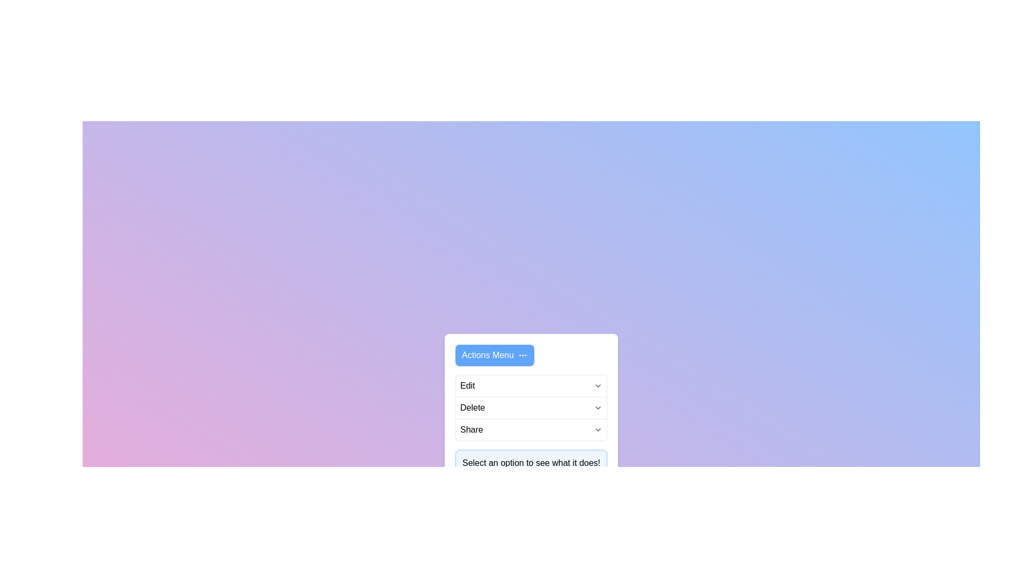 The height and width of the screenshot is (579, 1030). What do you see at coordinates (531, 463) in the screenshot?
I see `the informational text in the dropdown section` at bounding box center [531, 463].